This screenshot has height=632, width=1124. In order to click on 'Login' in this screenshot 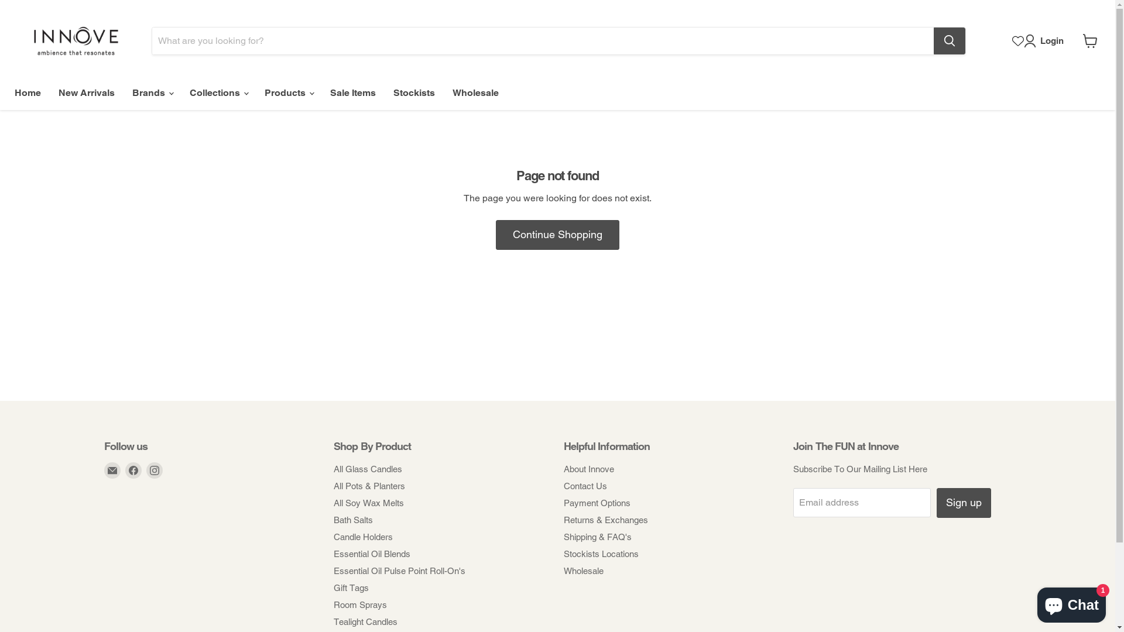, I will do `click(1046, 40)`.